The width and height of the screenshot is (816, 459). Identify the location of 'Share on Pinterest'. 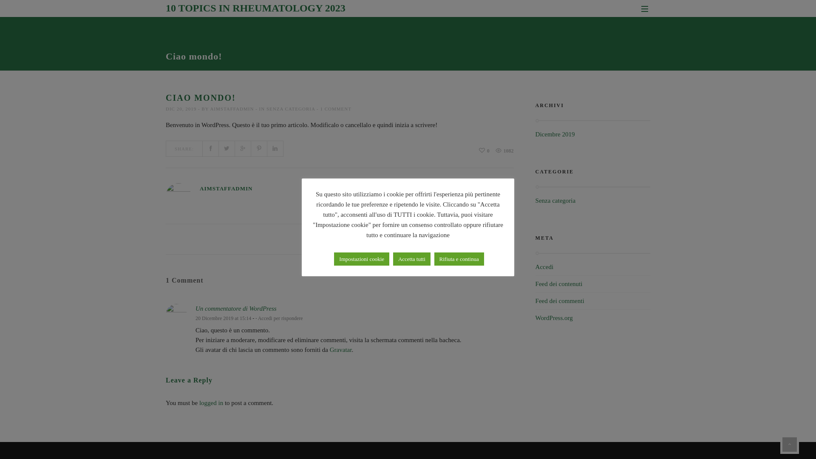
(258, 148).